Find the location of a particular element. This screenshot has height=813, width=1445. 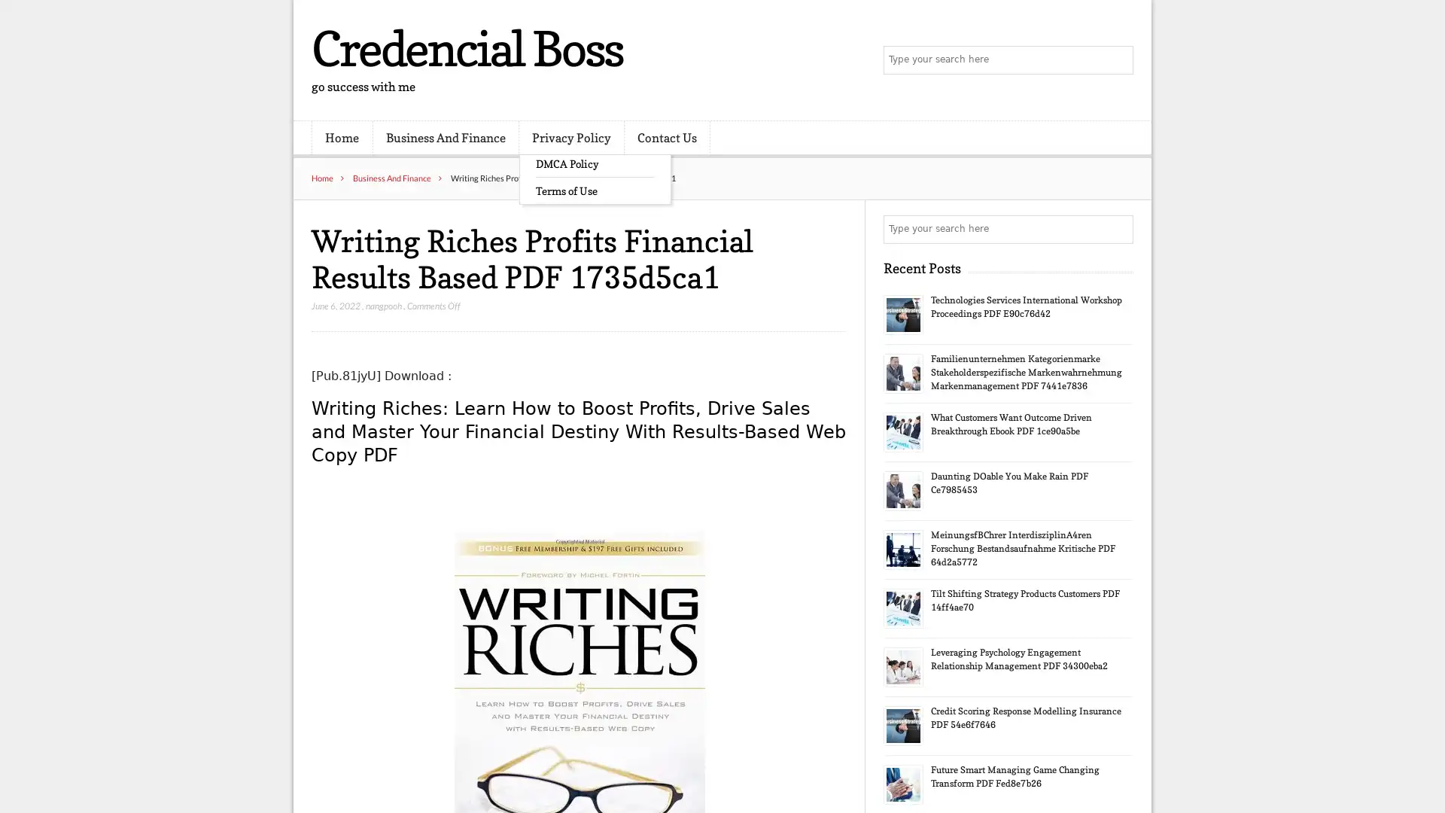

Search is located at coordinates (1118, 60).